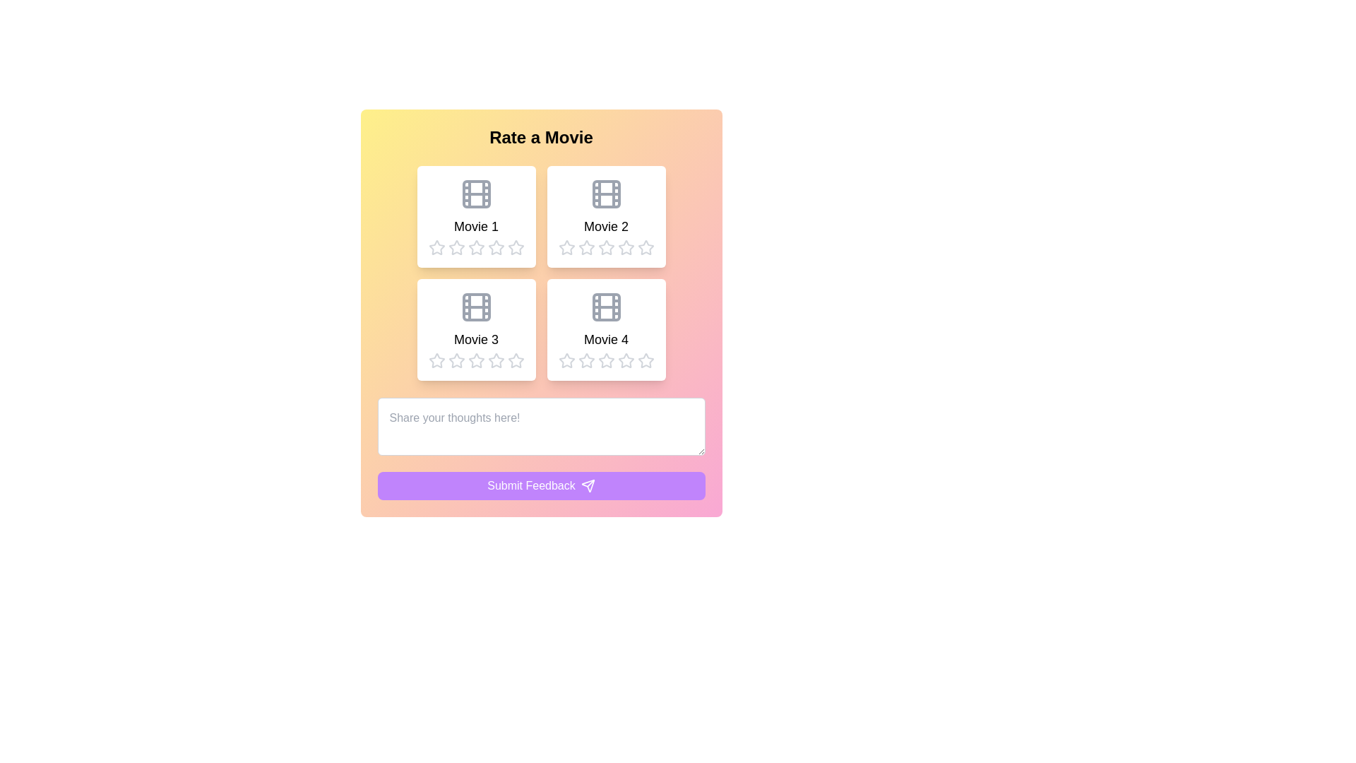  Describe the element at coordinates (606, 307) in the screenshot. I see `the icon representing 'Movie 4' located at the top center of the content box labeled 'Movie 4'` at that location.